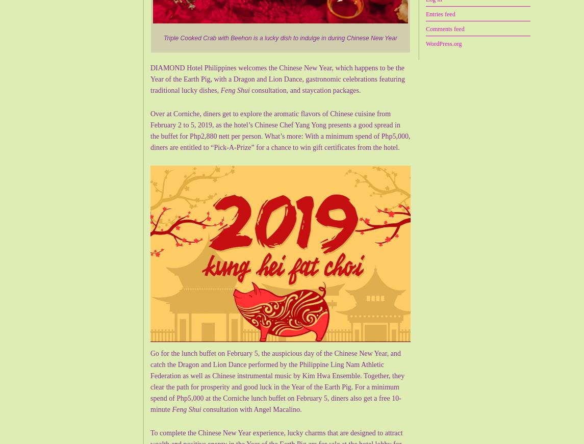  I want to click on 'Triple Cooked Crab with Beehon is a lucky dish to indulge in during Chinese New Year', so click(163, 37).